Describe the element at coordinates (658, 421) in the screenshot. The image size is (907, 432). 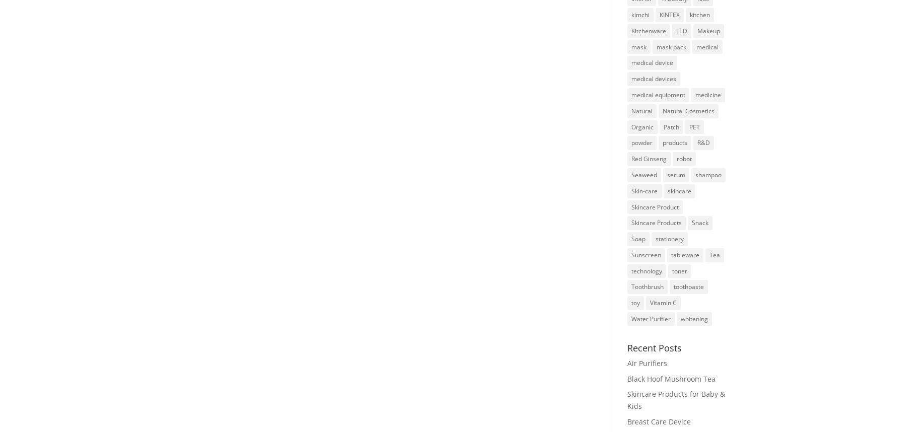
I see `'Breast Care Device'` at that location.